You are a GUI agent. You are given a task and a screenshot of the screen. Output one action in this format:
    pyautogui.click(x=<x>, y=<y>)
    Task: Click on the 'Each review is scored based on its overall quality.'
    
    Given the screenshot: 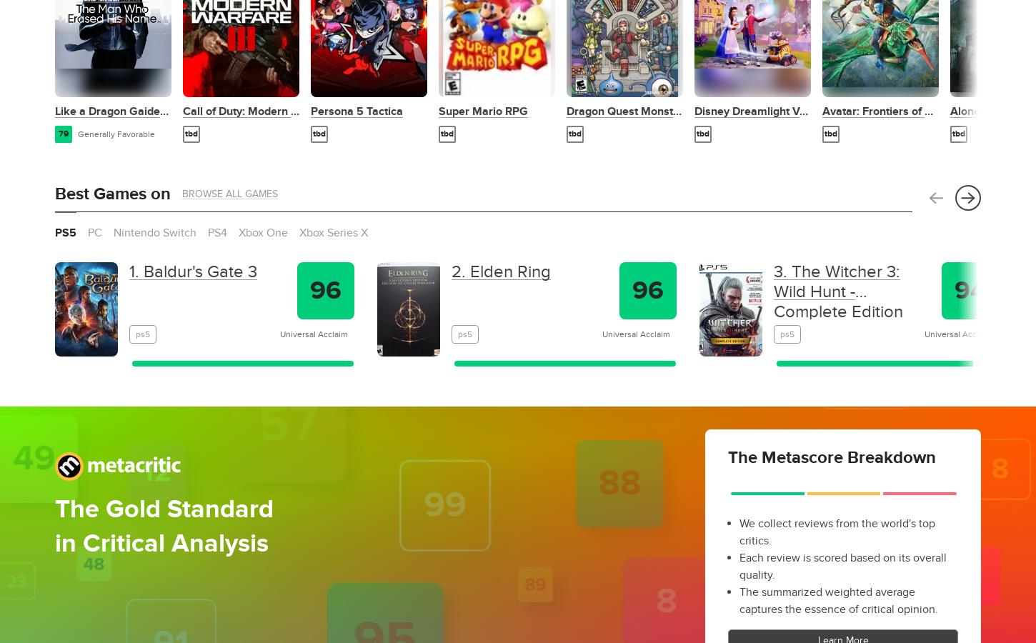 What is the action you would take?
    pyautogui.click(x=842, y=566)
    